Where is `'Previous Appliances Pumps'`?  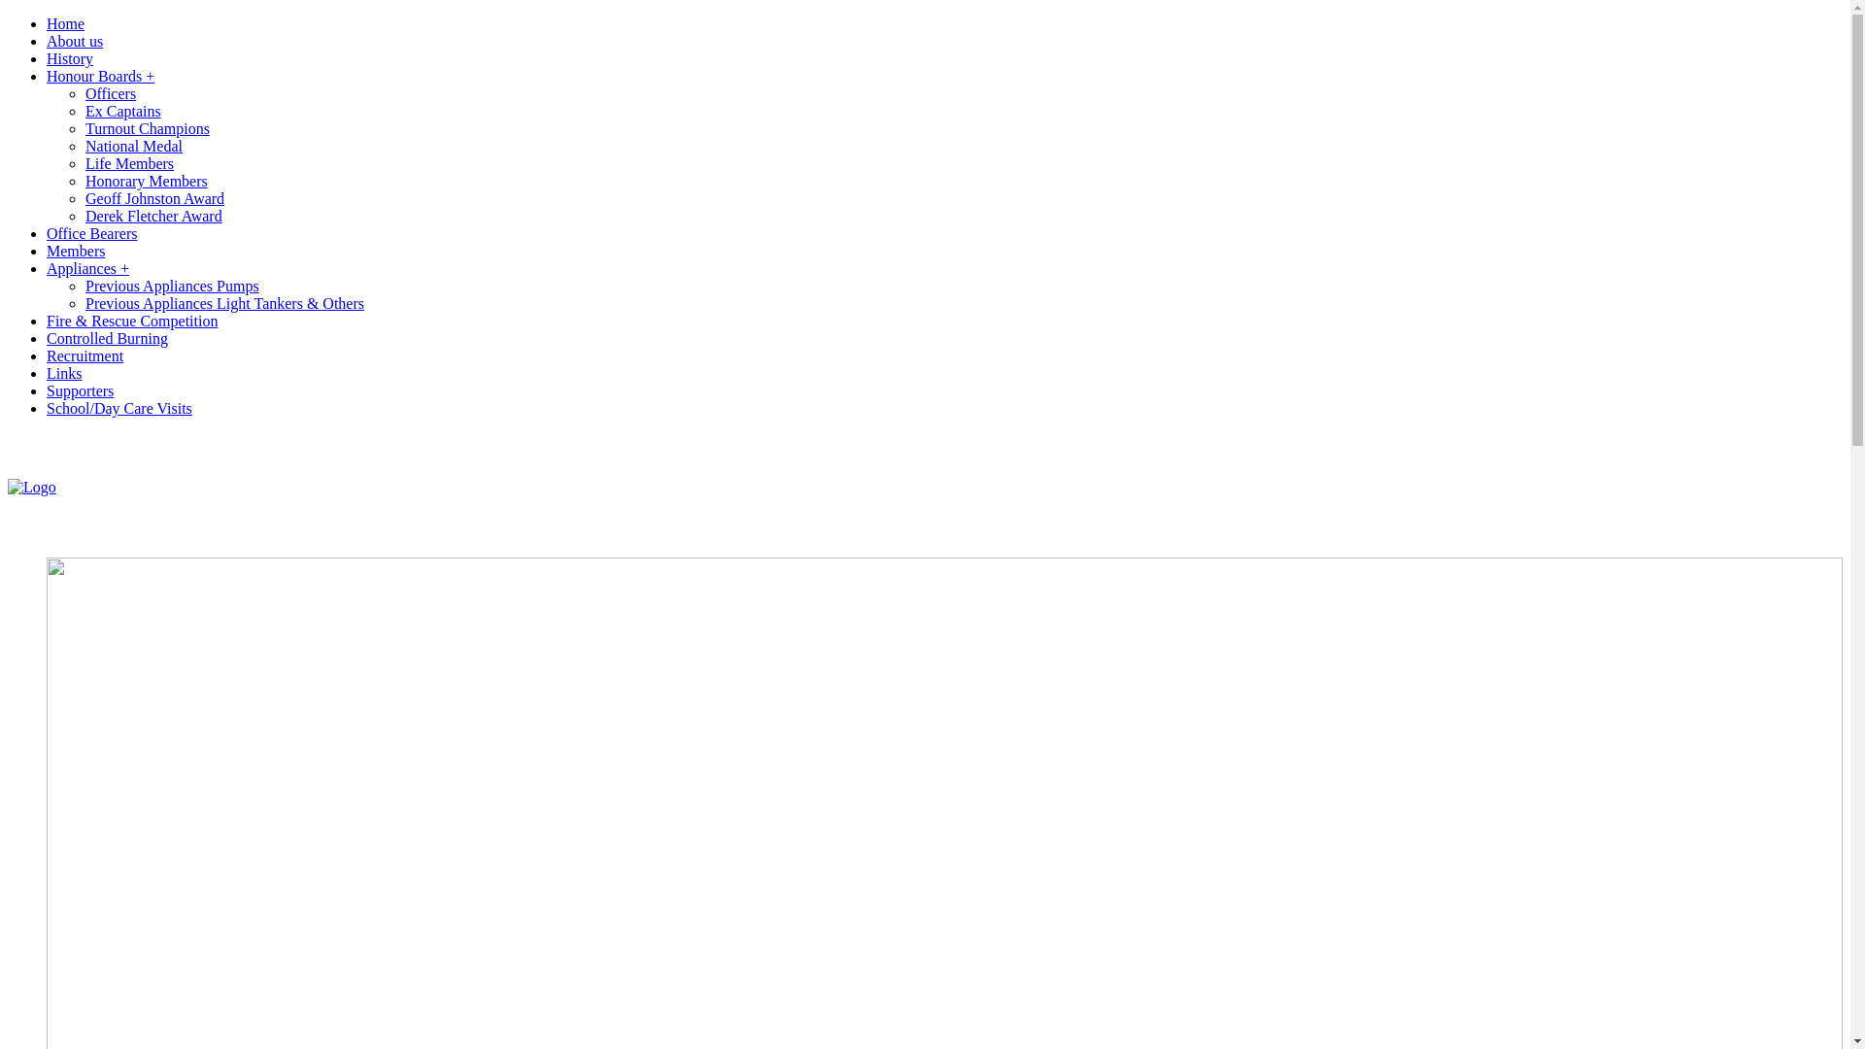
'Previous Appliances Pumps' is located at coordinates (172, 286).